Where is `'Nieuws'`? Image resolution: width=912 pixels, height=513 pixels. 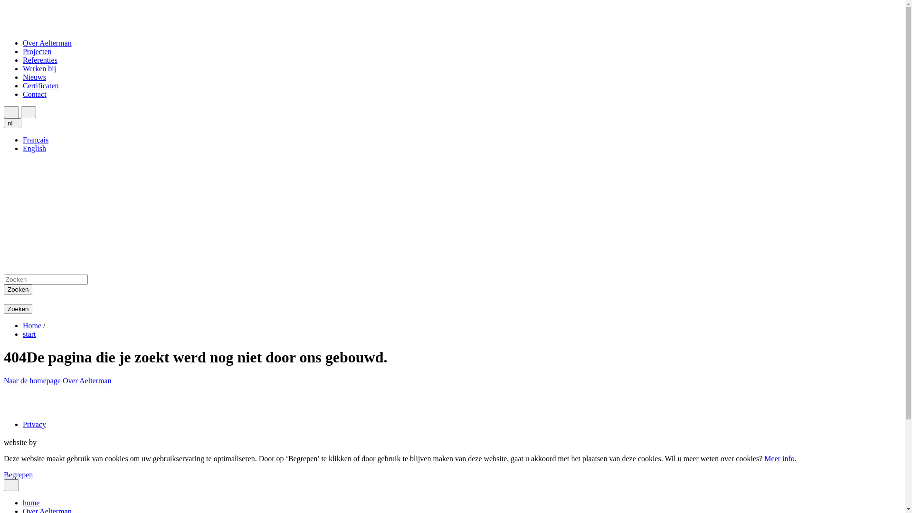 'Nieuws' is located at coordinates (23, 76).